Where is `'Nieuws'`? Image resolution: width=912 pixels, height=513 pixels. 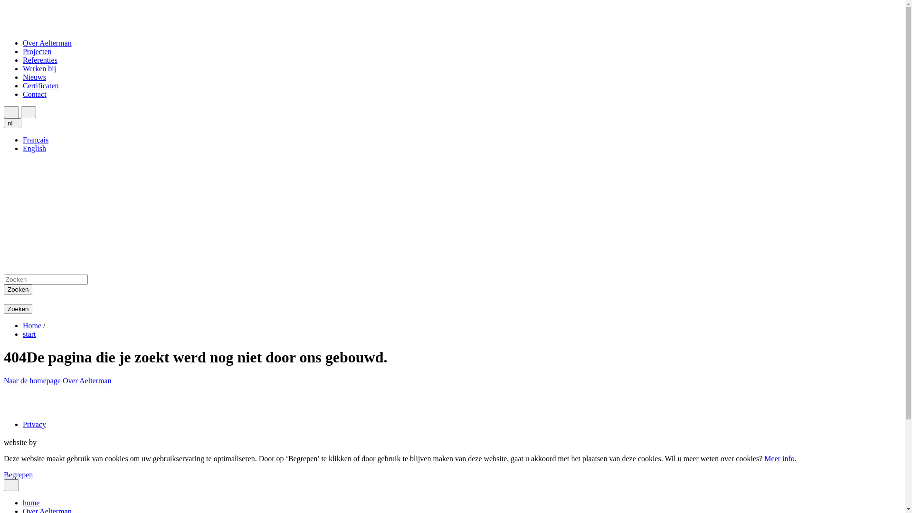 'Nieuws' is located at coordinates (23, 76).